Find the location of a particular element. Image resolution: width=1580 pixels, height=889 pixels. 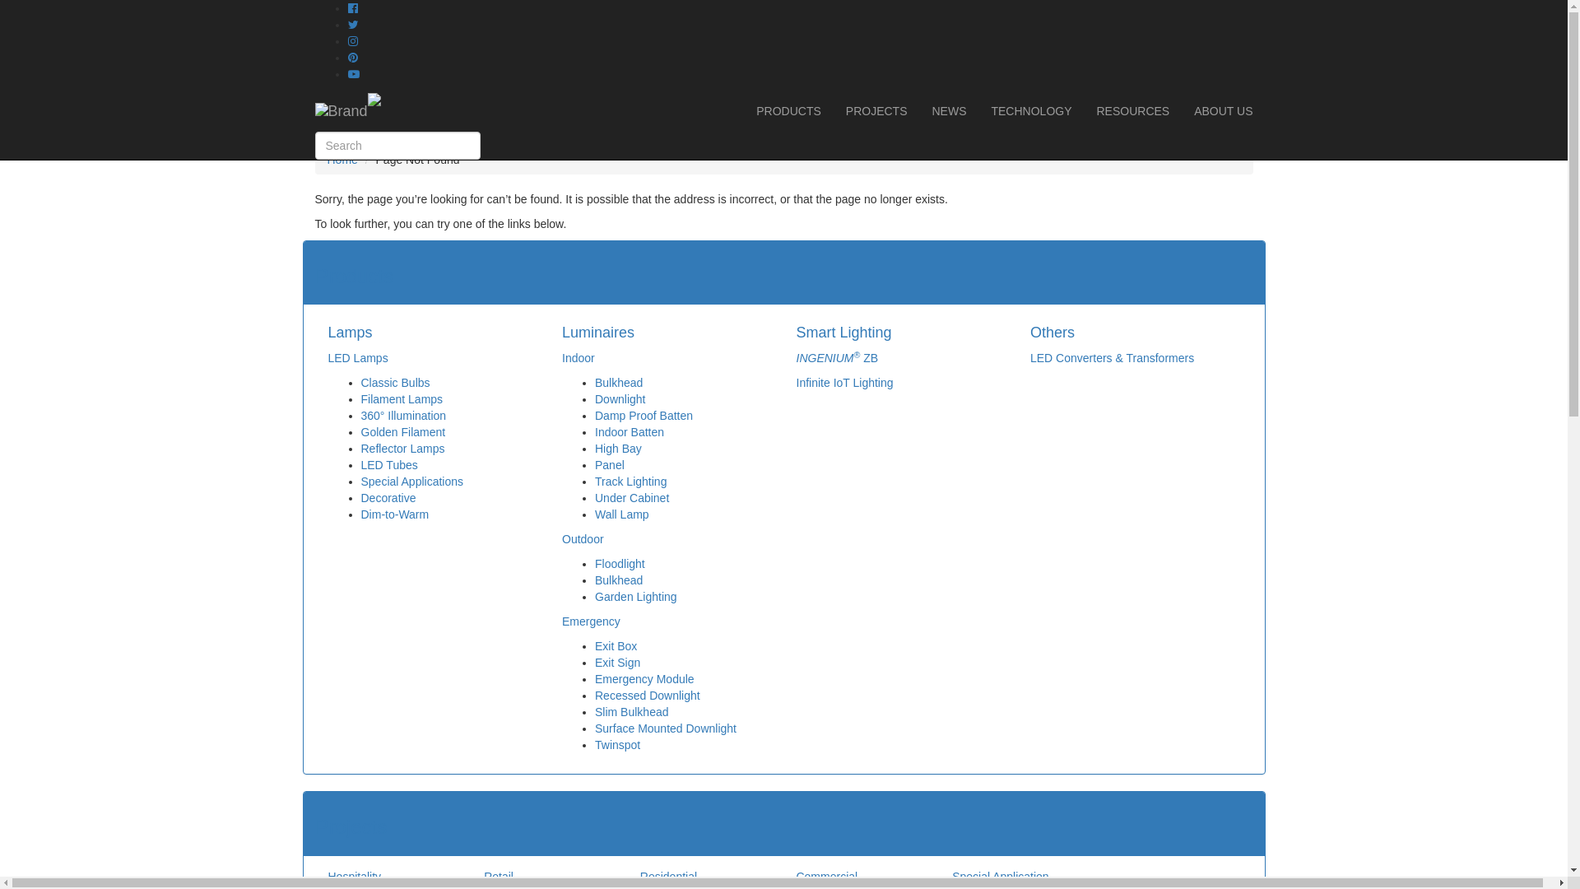

'Decorative' is located at coordinates (387, 497).